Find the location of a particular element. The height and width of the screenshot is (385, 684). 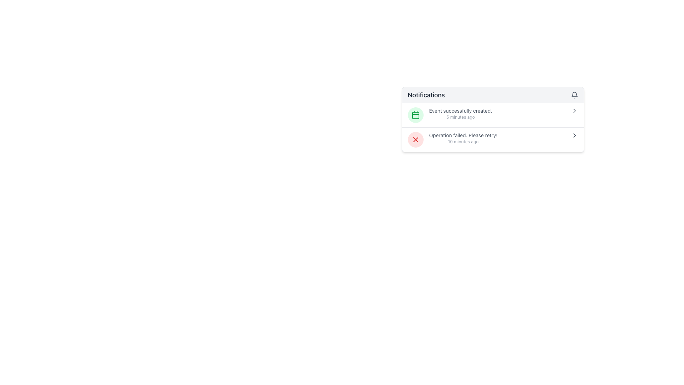

the Notification element that informs the user about a successfully created event, positioned at the top of the notification list is located at coordinates (492, 115).